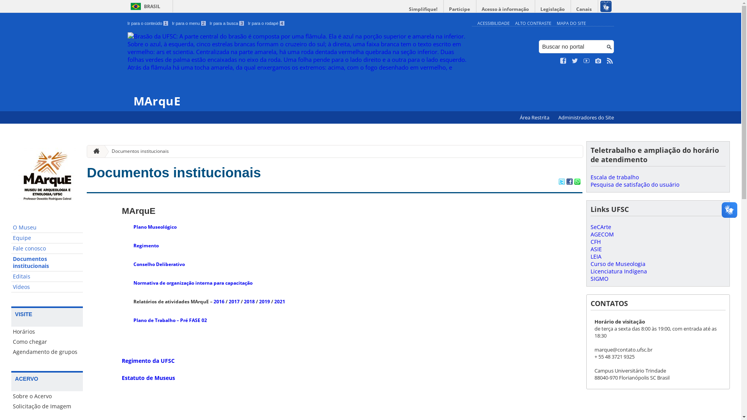 This screenshot has height=420, width=747. I want to click on '2017', so click(233, 301).